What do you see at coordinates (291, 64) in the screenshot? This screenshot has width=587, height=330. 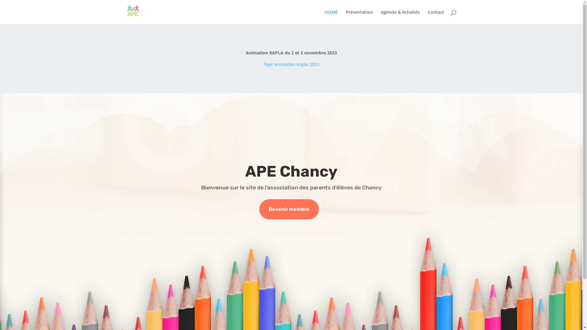 I see `'Flyer animation Kapla 2023'` at bounding box center [291, 64].